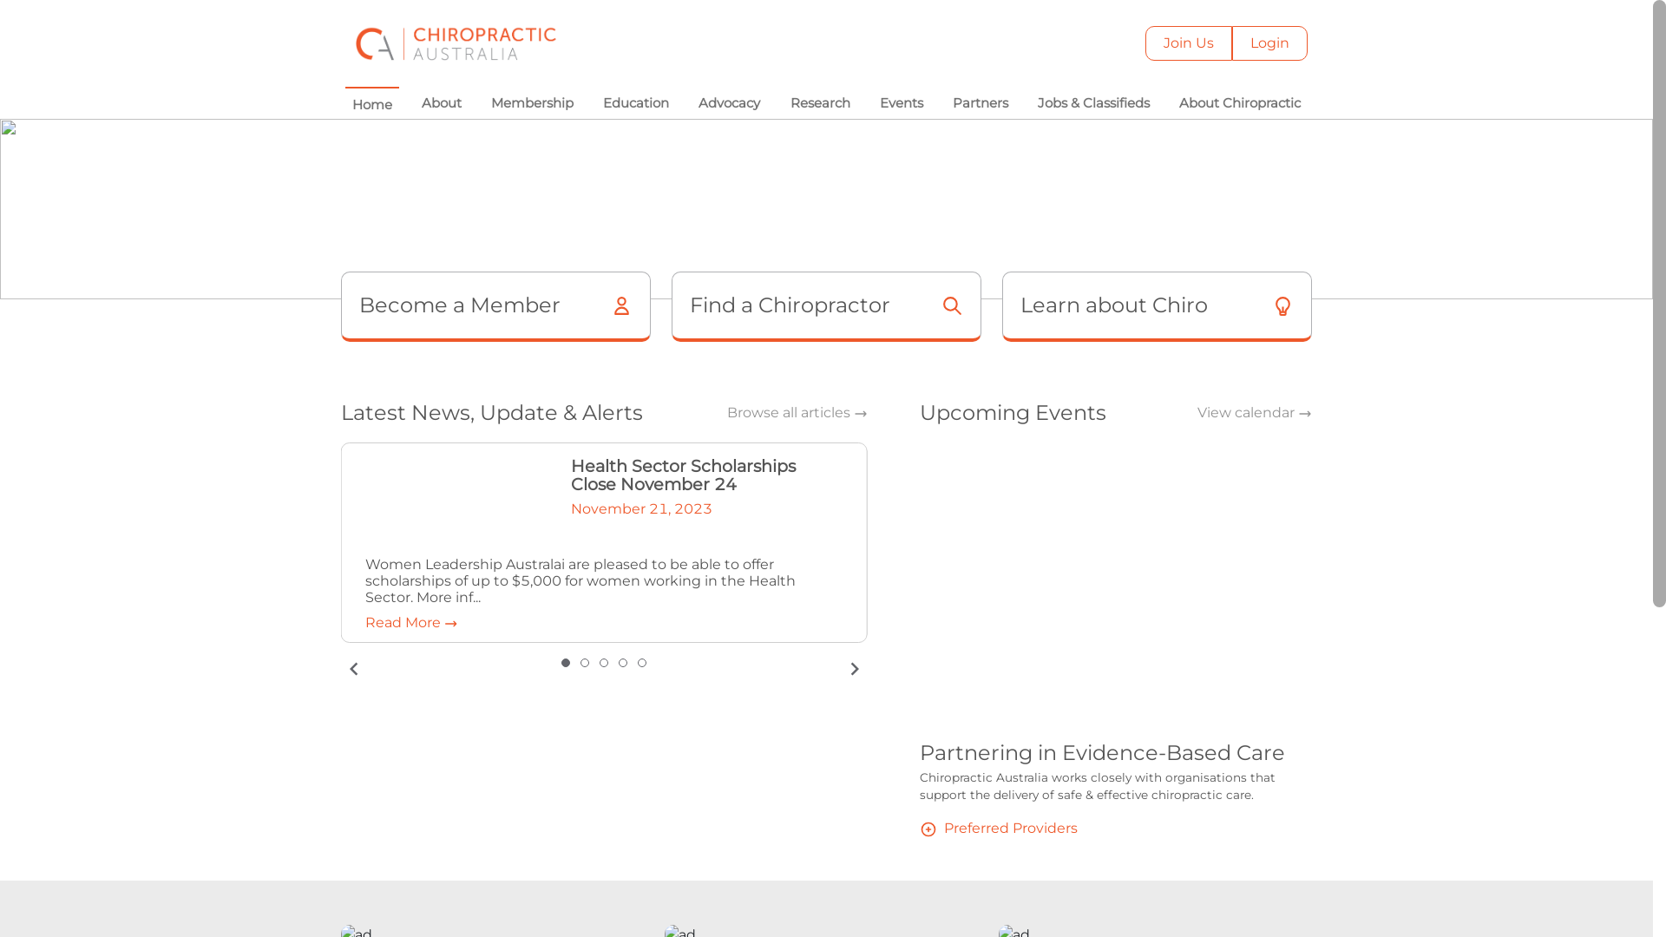 This screenshot has height=937, width=1666. Describe the element at coordinates (1187, 43) in the screenshot. I see `'Join Us'` at that location.